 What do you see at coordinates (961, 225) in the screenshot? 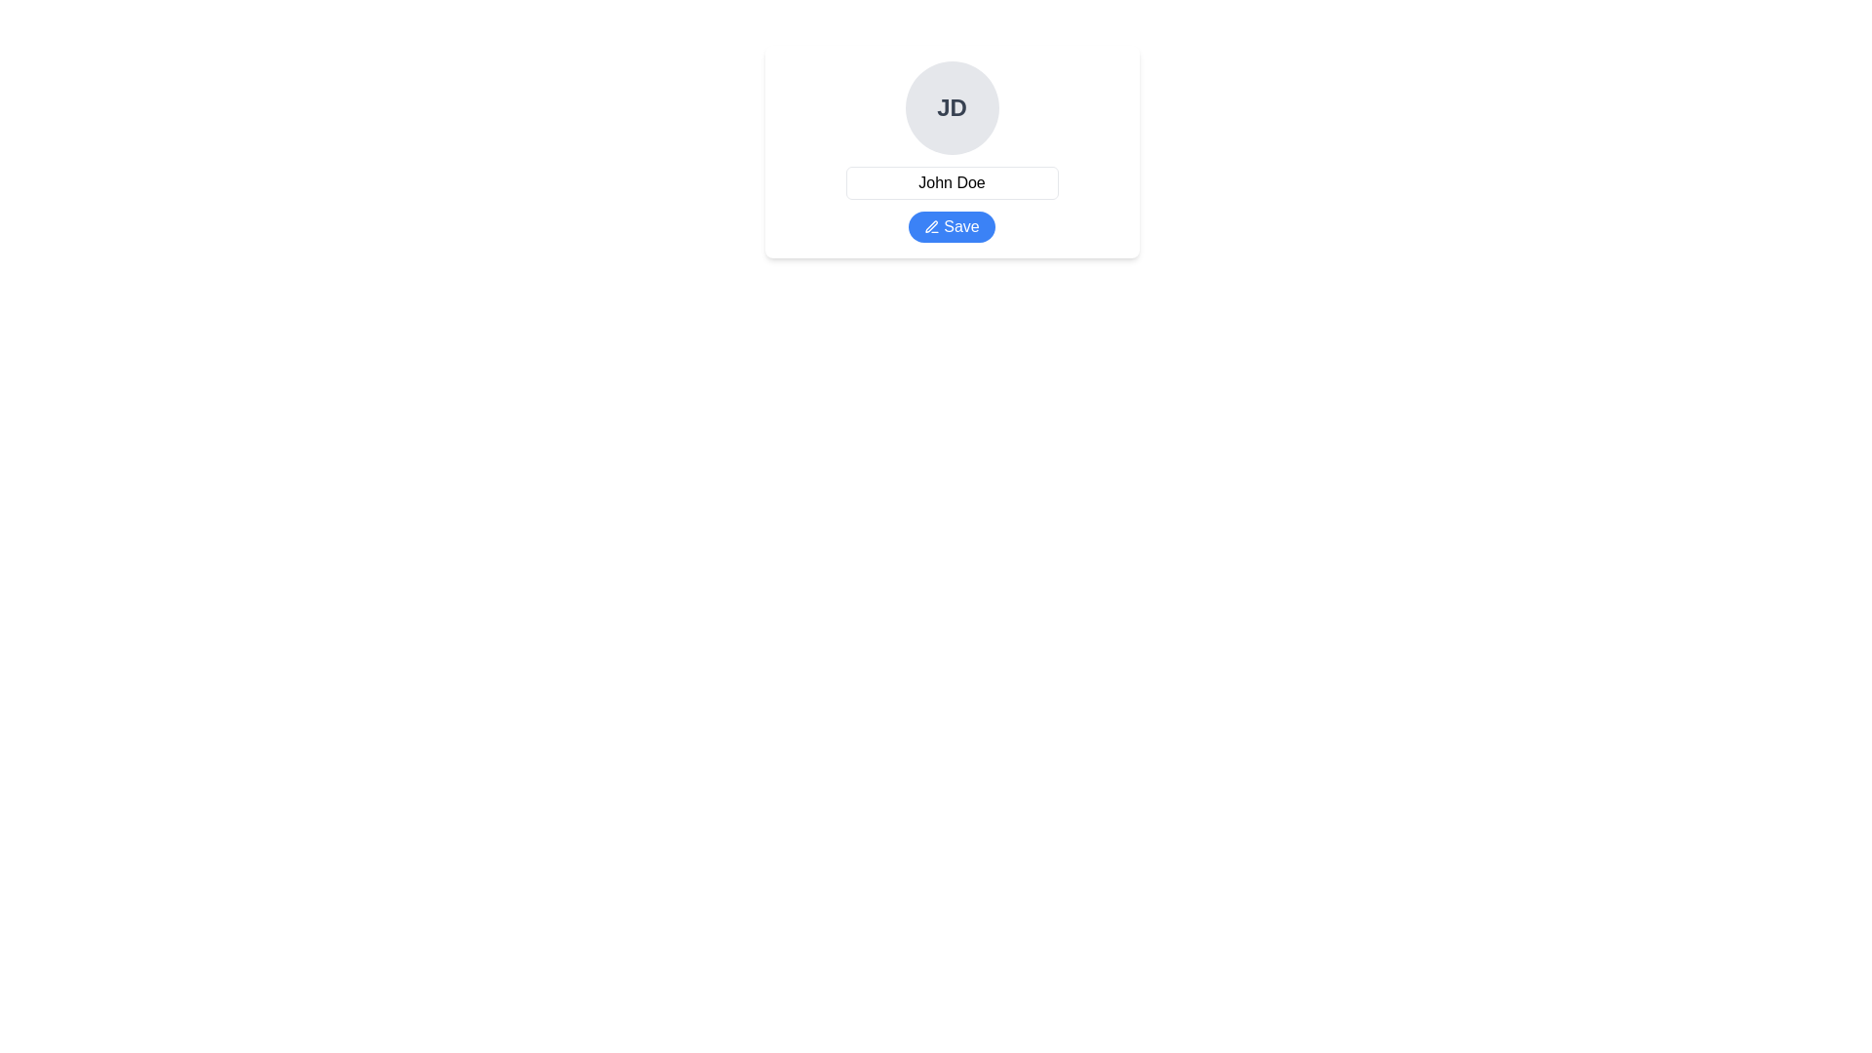
I see `the 'Save' button, which displays the word 'Save' in white font on a blue button with rounded ends` at bounding box center [961, 225].